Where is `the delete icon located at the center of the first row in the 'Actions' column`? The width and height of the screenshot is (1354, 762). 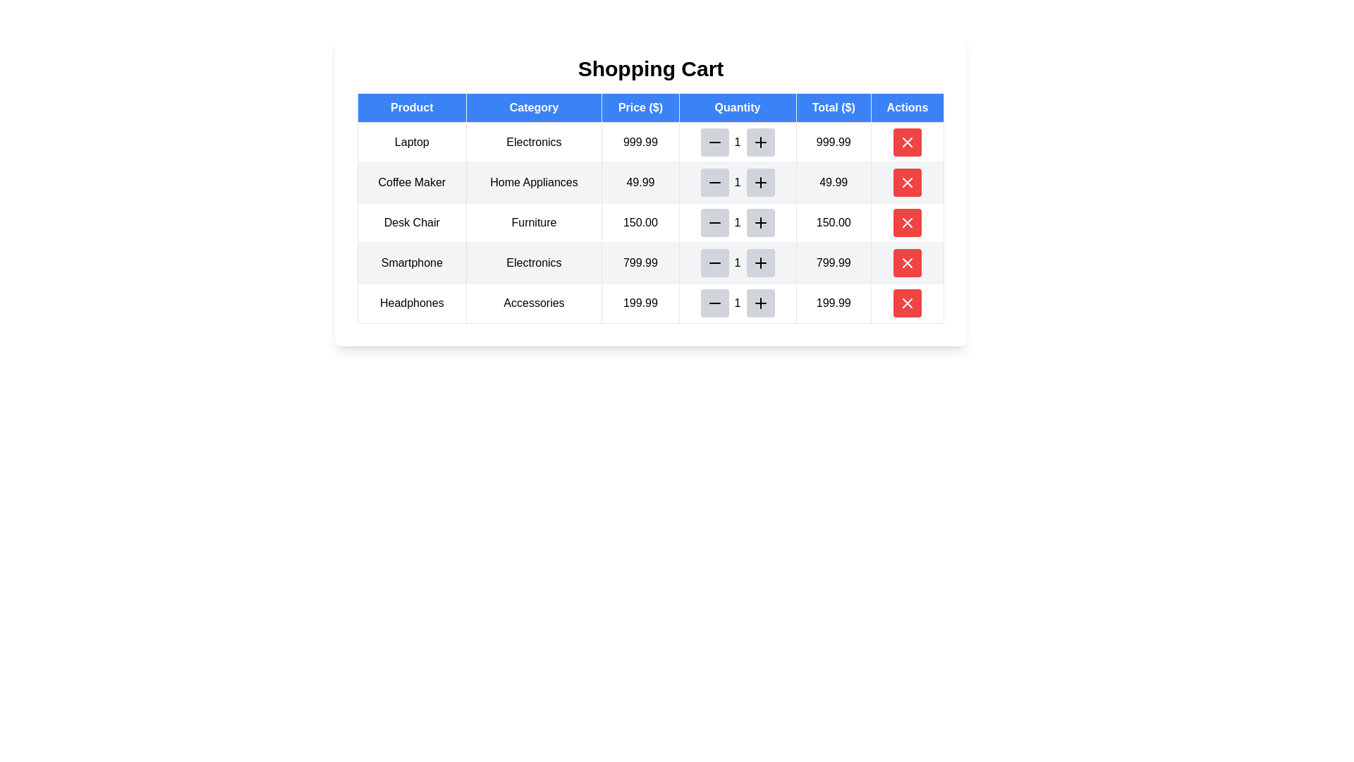 the delete icon located at the center of the first row in the 'Actions' column is located at coordinates (907, 142).